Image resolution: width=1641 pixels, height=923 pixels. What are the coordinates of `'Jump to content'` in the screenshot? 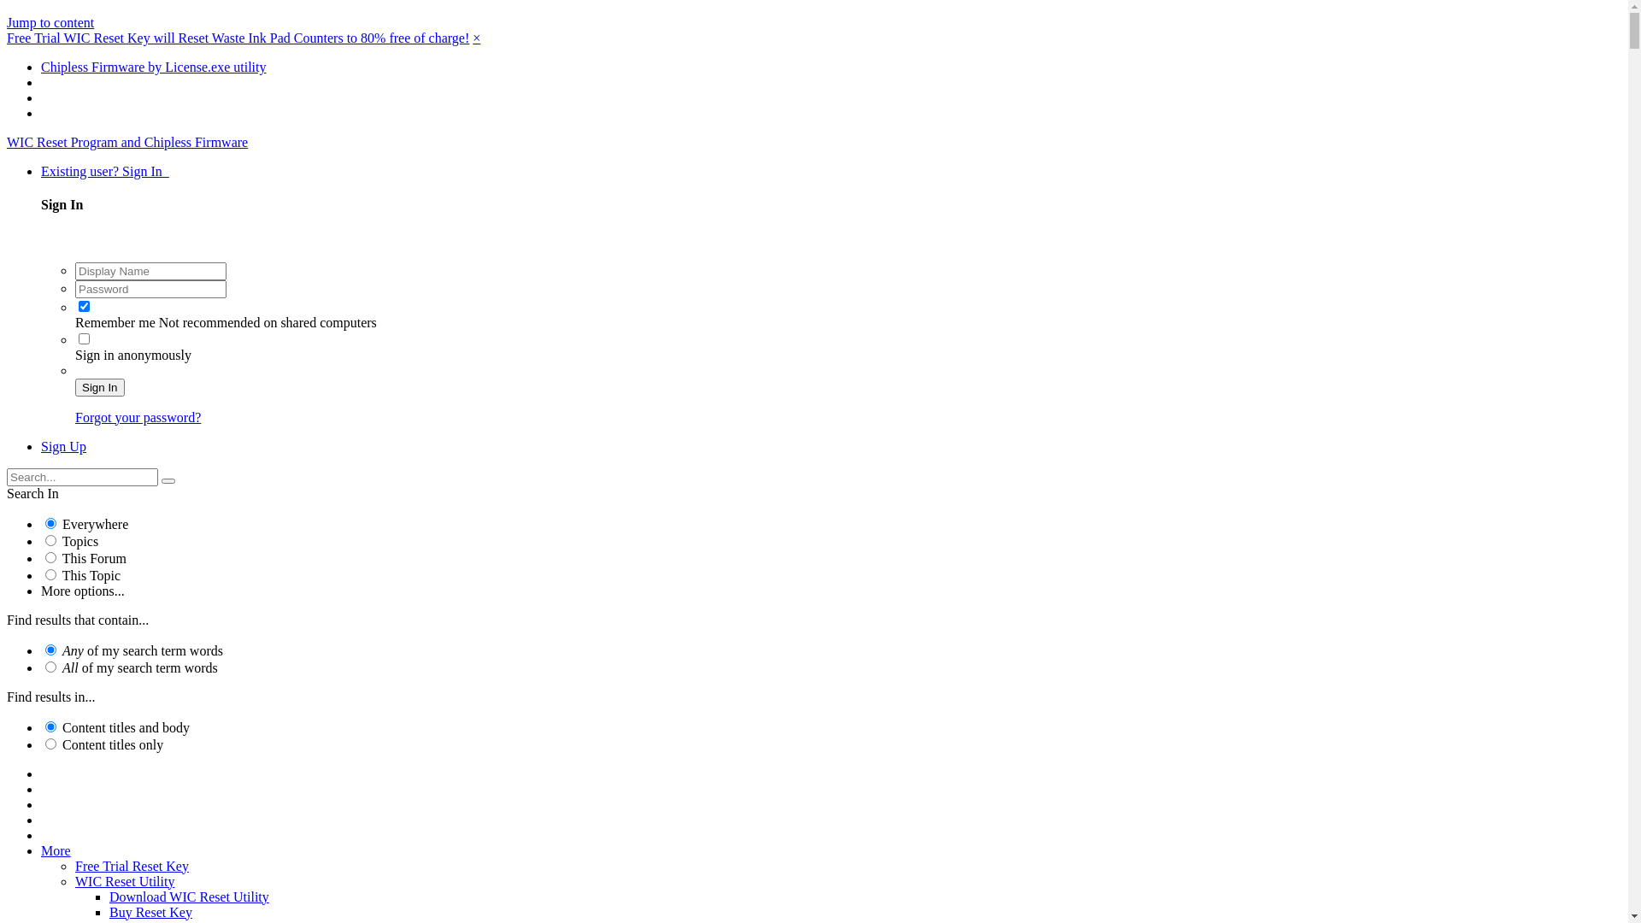 It's located at (7, 22).